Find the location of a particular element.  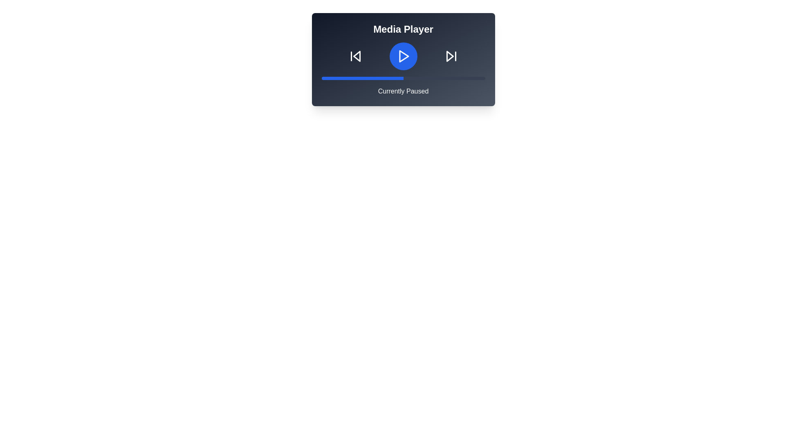

the play/pause button to toggle the playback state is located at coordinates (403, 56).